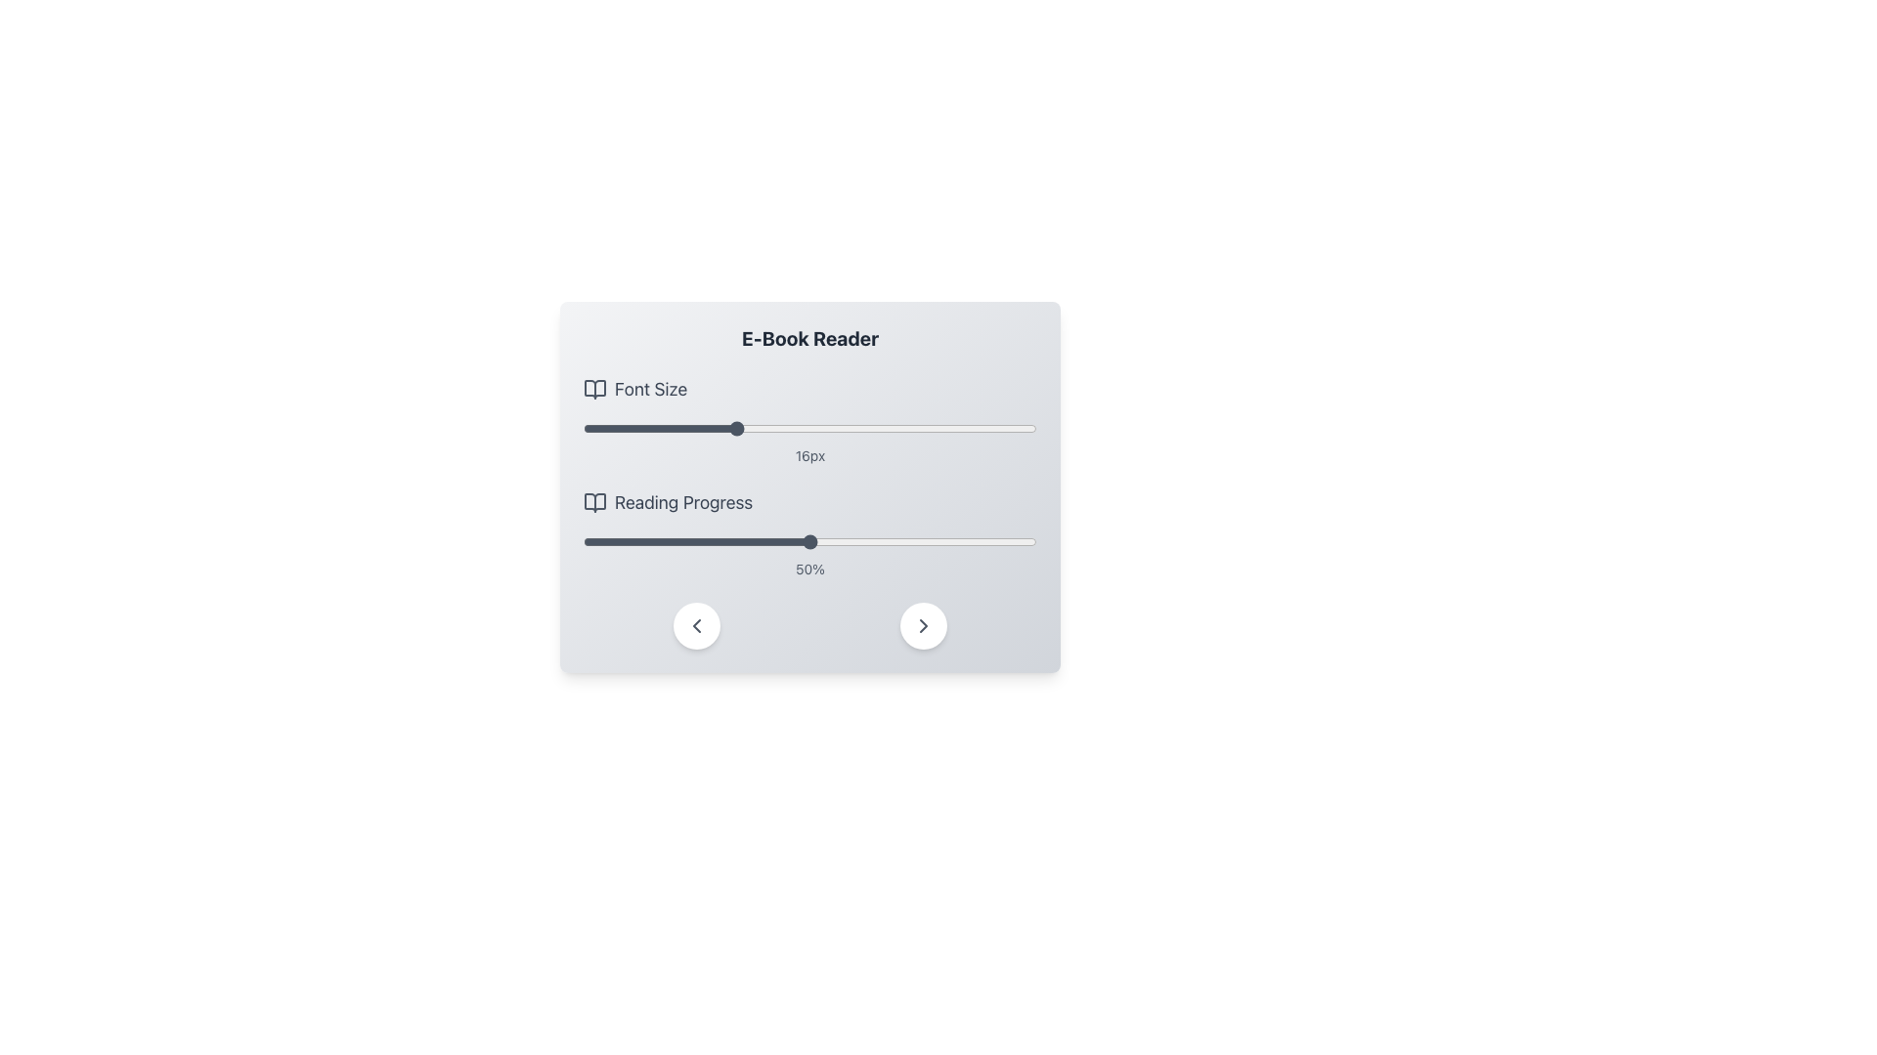 The image size is (1877, 1055). I want to click on the reading progress icon located to the left of the 'Reading Progress' text label, so click(594, 502).